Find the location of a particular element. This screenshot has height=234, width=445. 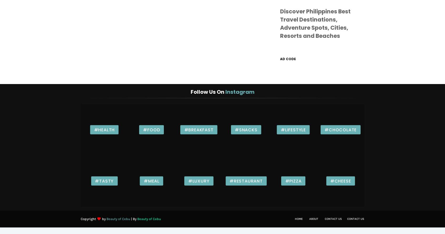

'#Meal' is located at coordinates (151, 180).